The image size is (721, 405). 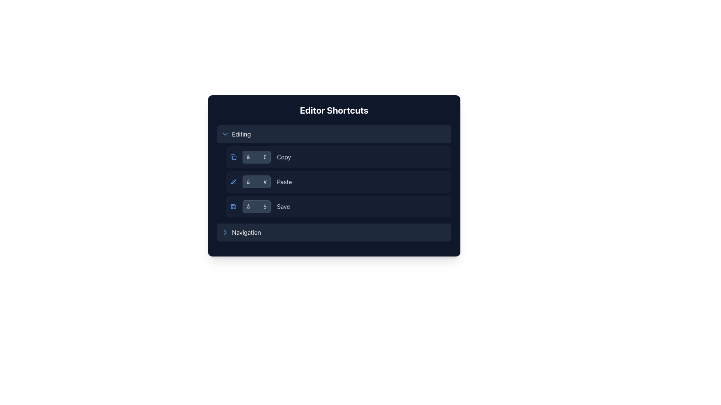 I want to click on the blue floppy disk icon located at the far left of the 'Save' entry in the shortcuts list, so click(x=233, y=207).